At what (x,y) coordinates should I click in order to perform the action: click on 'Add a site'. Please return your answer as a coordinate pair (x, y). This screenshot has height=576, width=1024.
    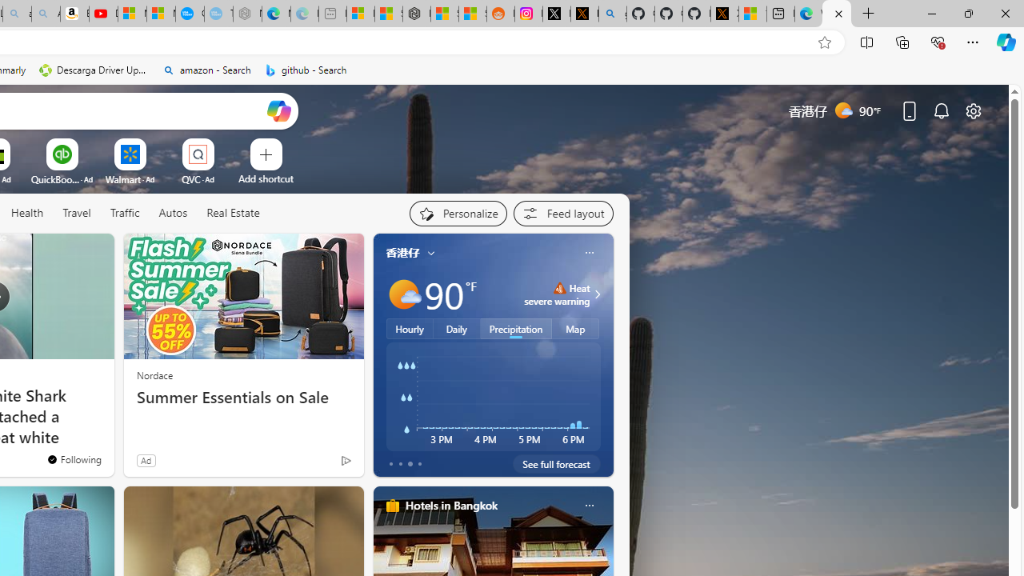
    Looking at the image, I should click on (266, 178).